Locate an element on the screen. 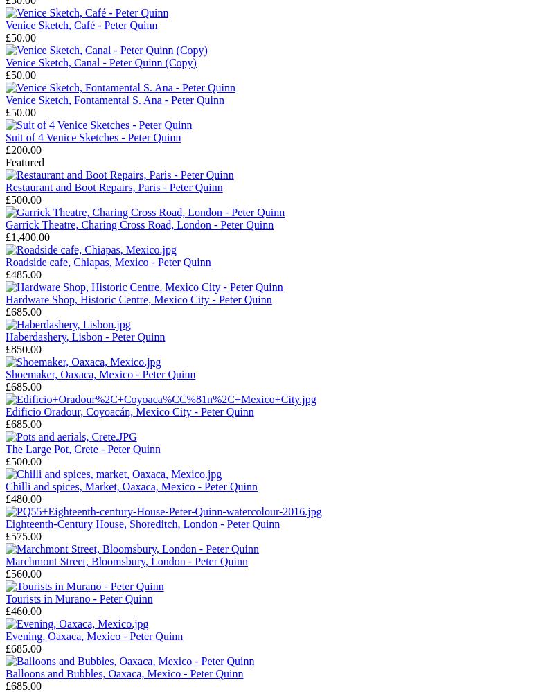 This screenshot has width=554, height=692. '£1,400.00' is located at coordinates (27, 237).